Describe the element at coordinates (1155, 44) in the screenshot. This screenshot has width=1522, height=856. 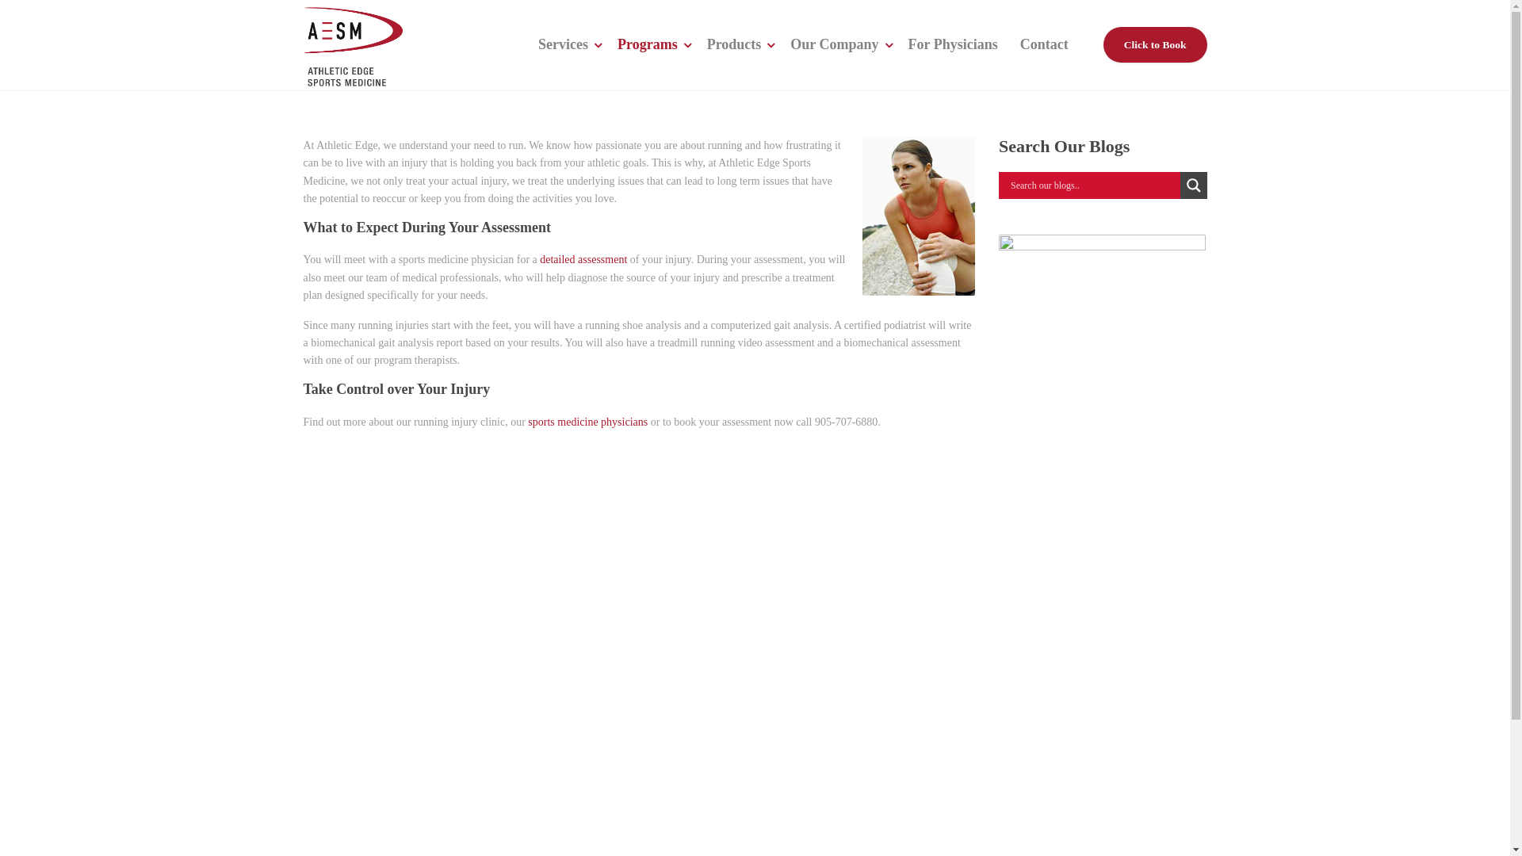
I see `'Click to Book'` at that location.